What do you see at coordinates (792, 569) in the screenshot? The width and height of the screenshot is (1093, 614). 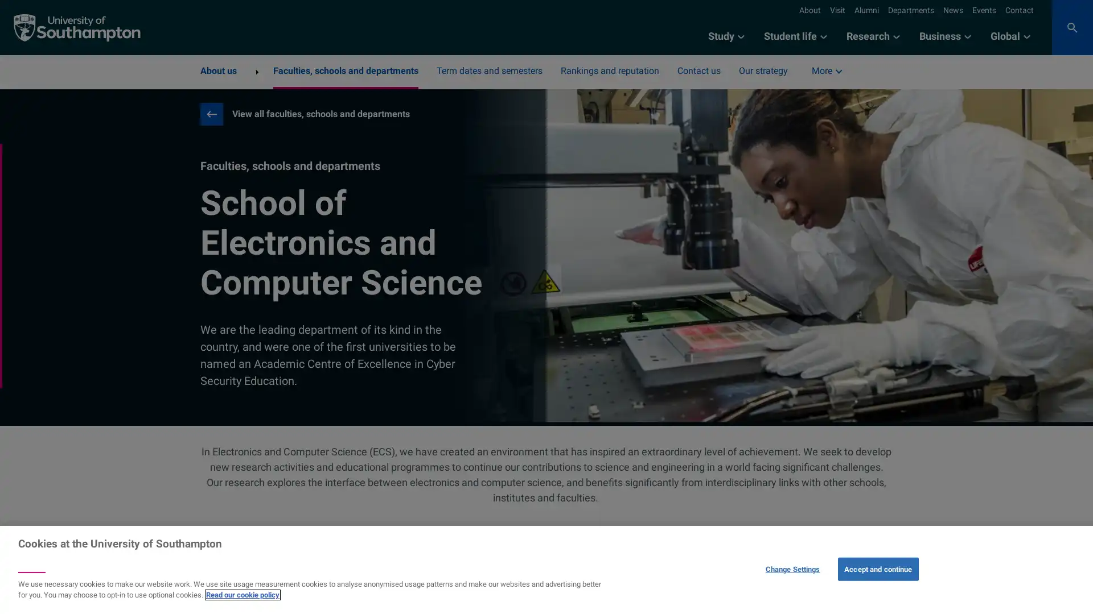 I see `Change Settings` at bounding box center [792, 569].